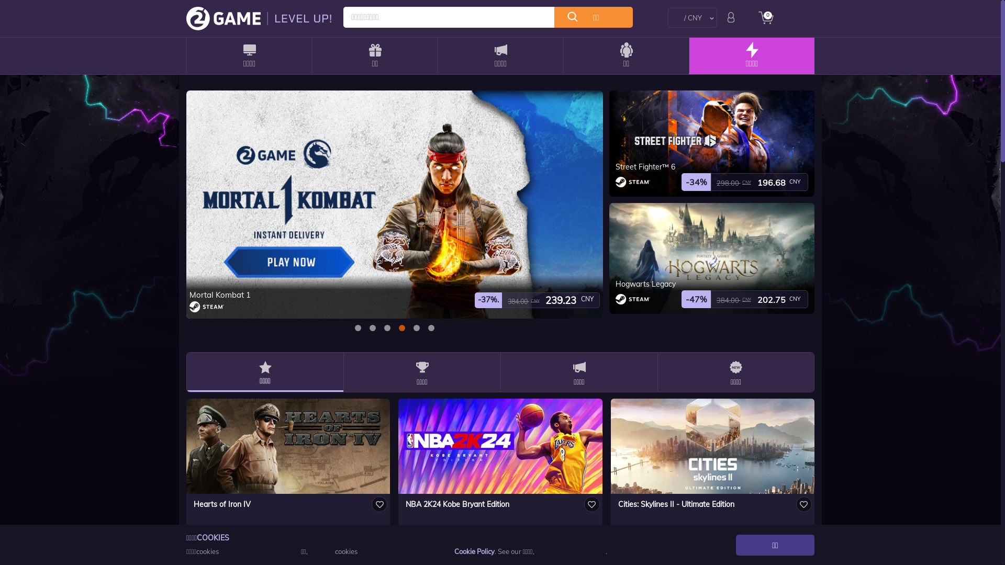  I want to click on 'Cookie Policy', so click(474, 550).